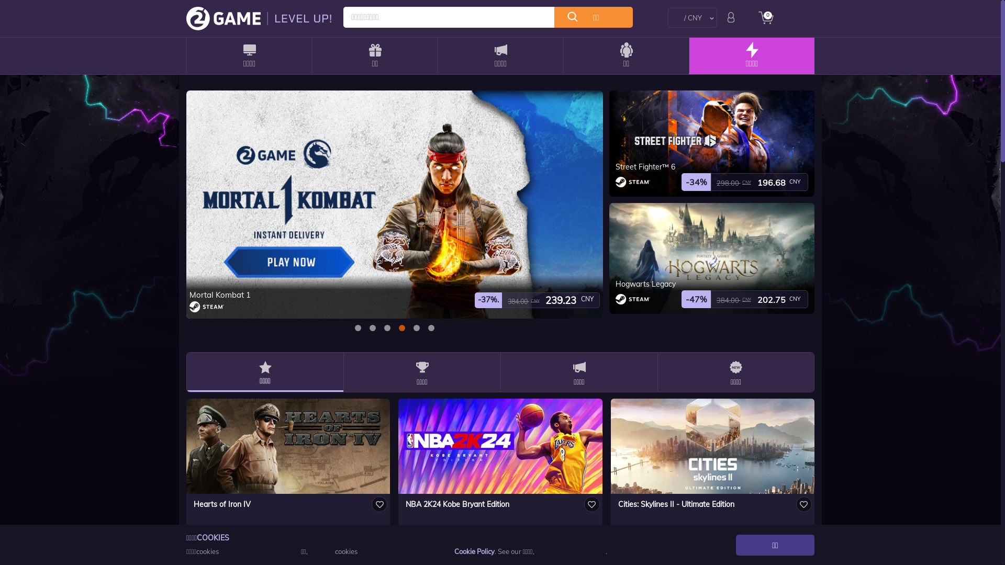  I want to click on 'Cookie Policy', so click(474, 550).